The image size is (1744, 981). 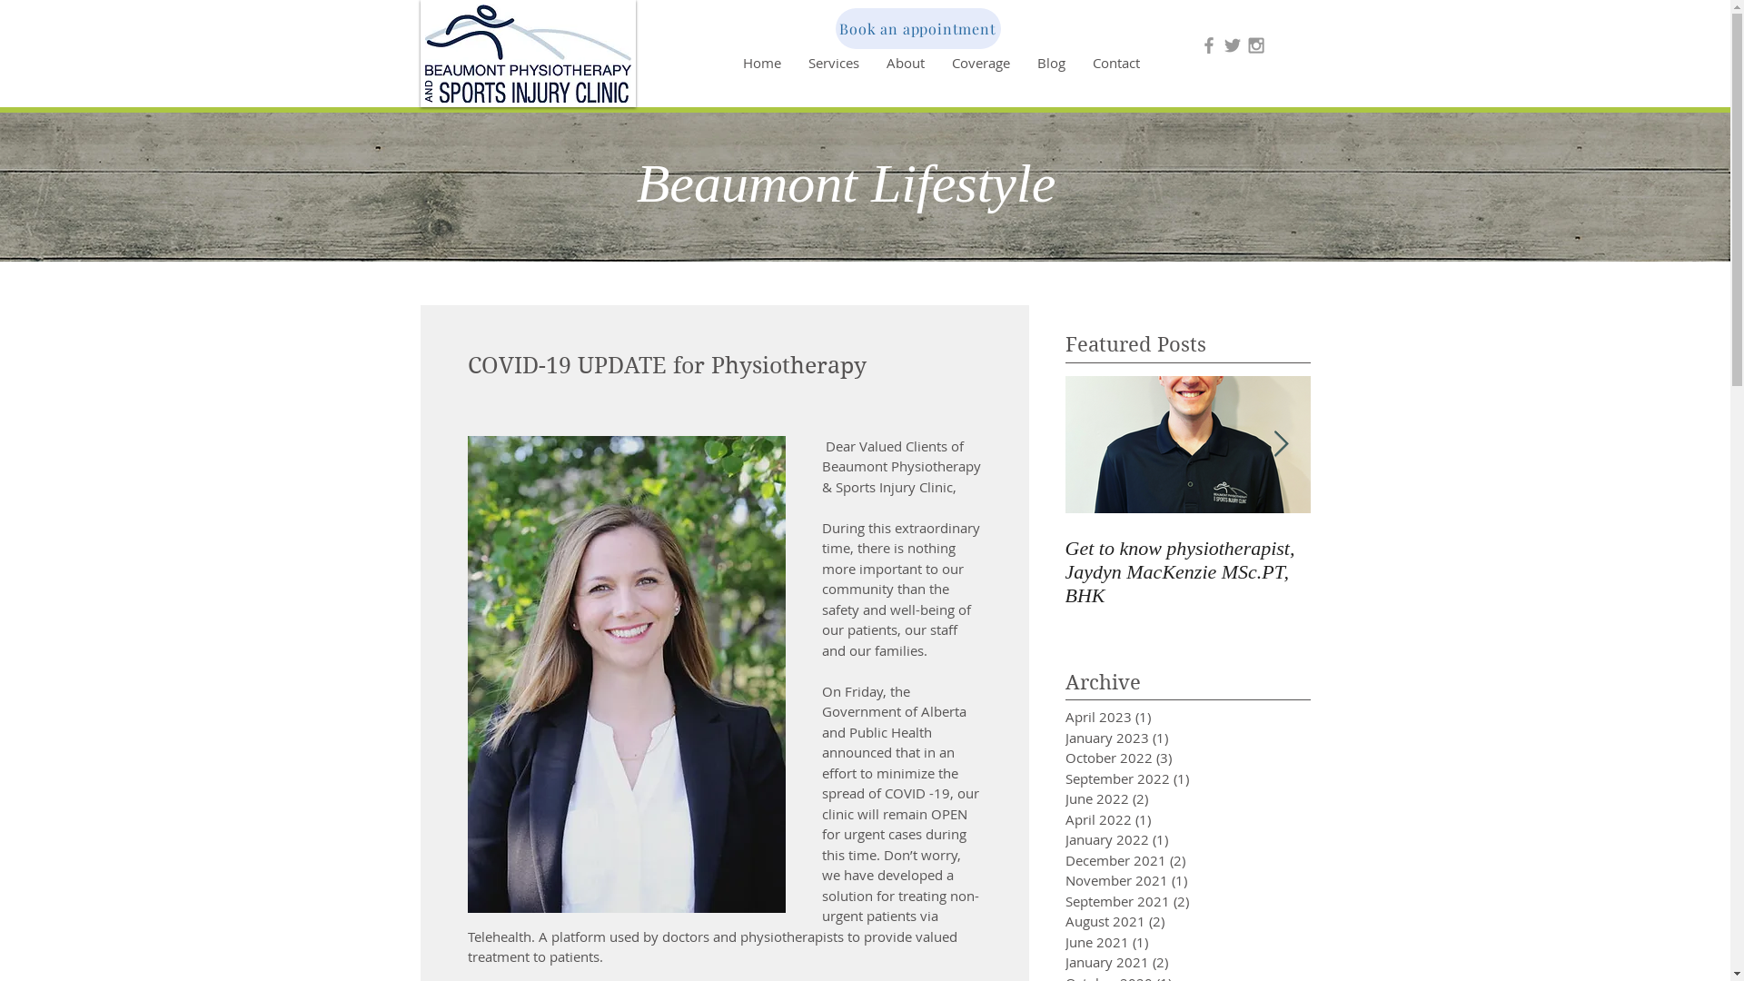 What do you see at coordinates (1064, 819) in the screenshot?
I see `'April 2022 (1)'` at bounding box center [1064, 819].